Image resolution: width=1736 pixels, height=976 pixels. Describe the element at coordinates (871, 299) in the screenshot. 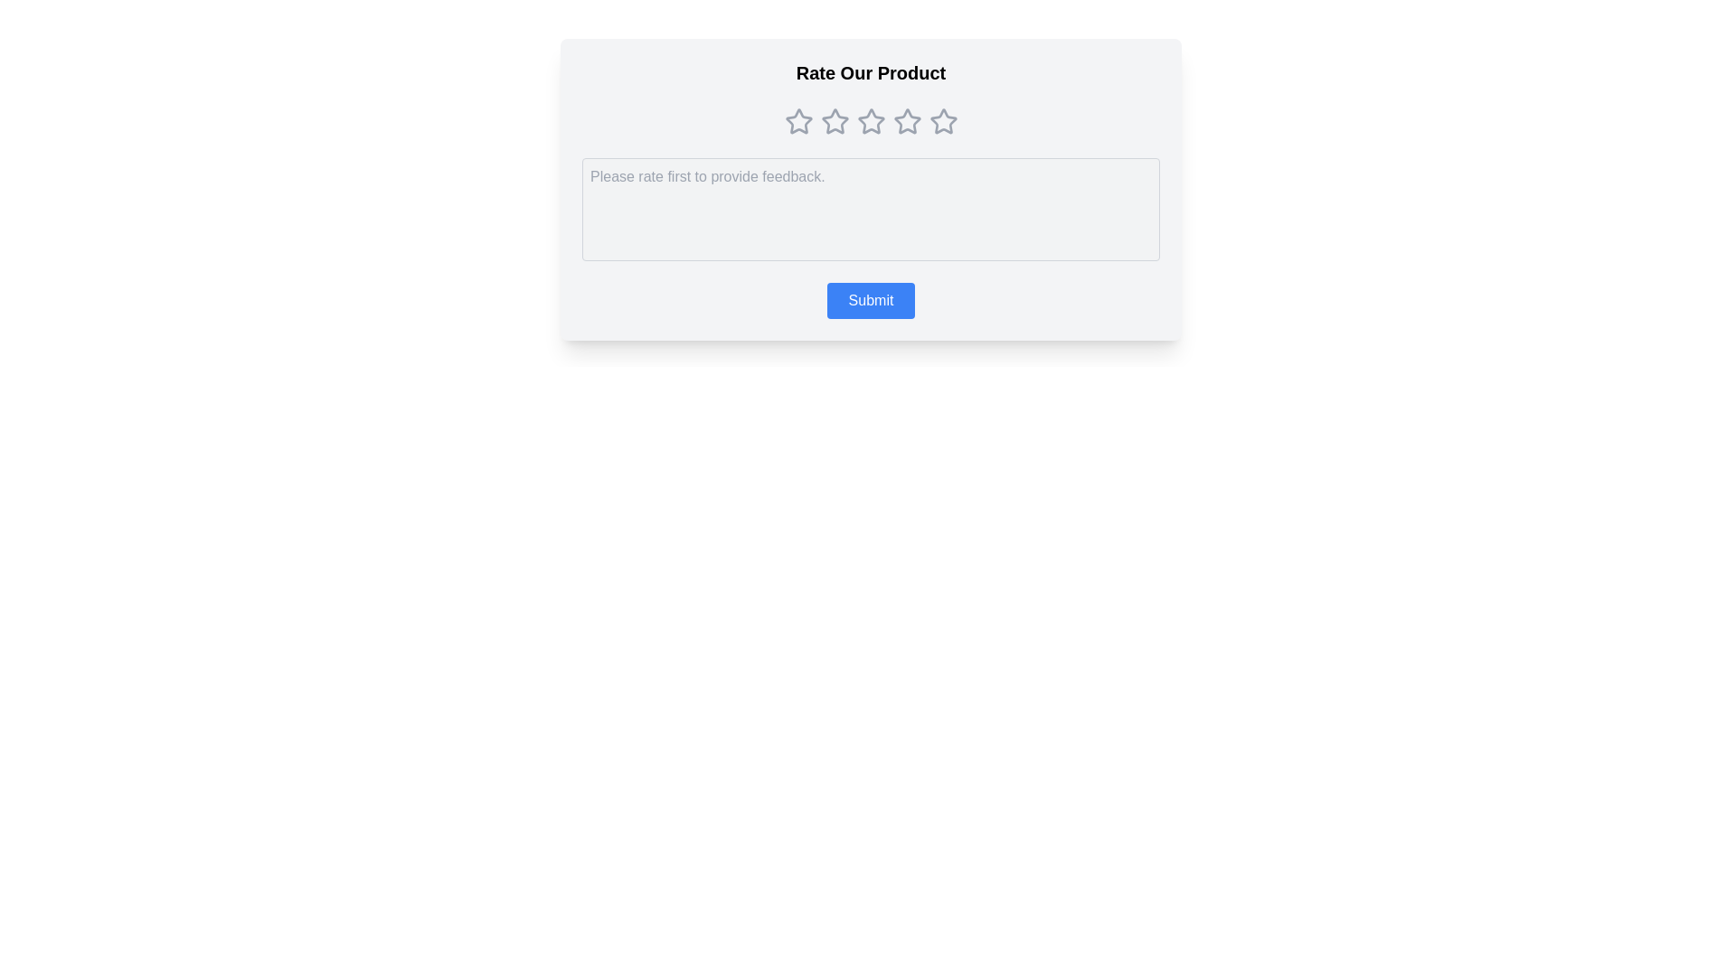

I see `the submit button located below the text area in the rating section to observe the hover effect` at that location.